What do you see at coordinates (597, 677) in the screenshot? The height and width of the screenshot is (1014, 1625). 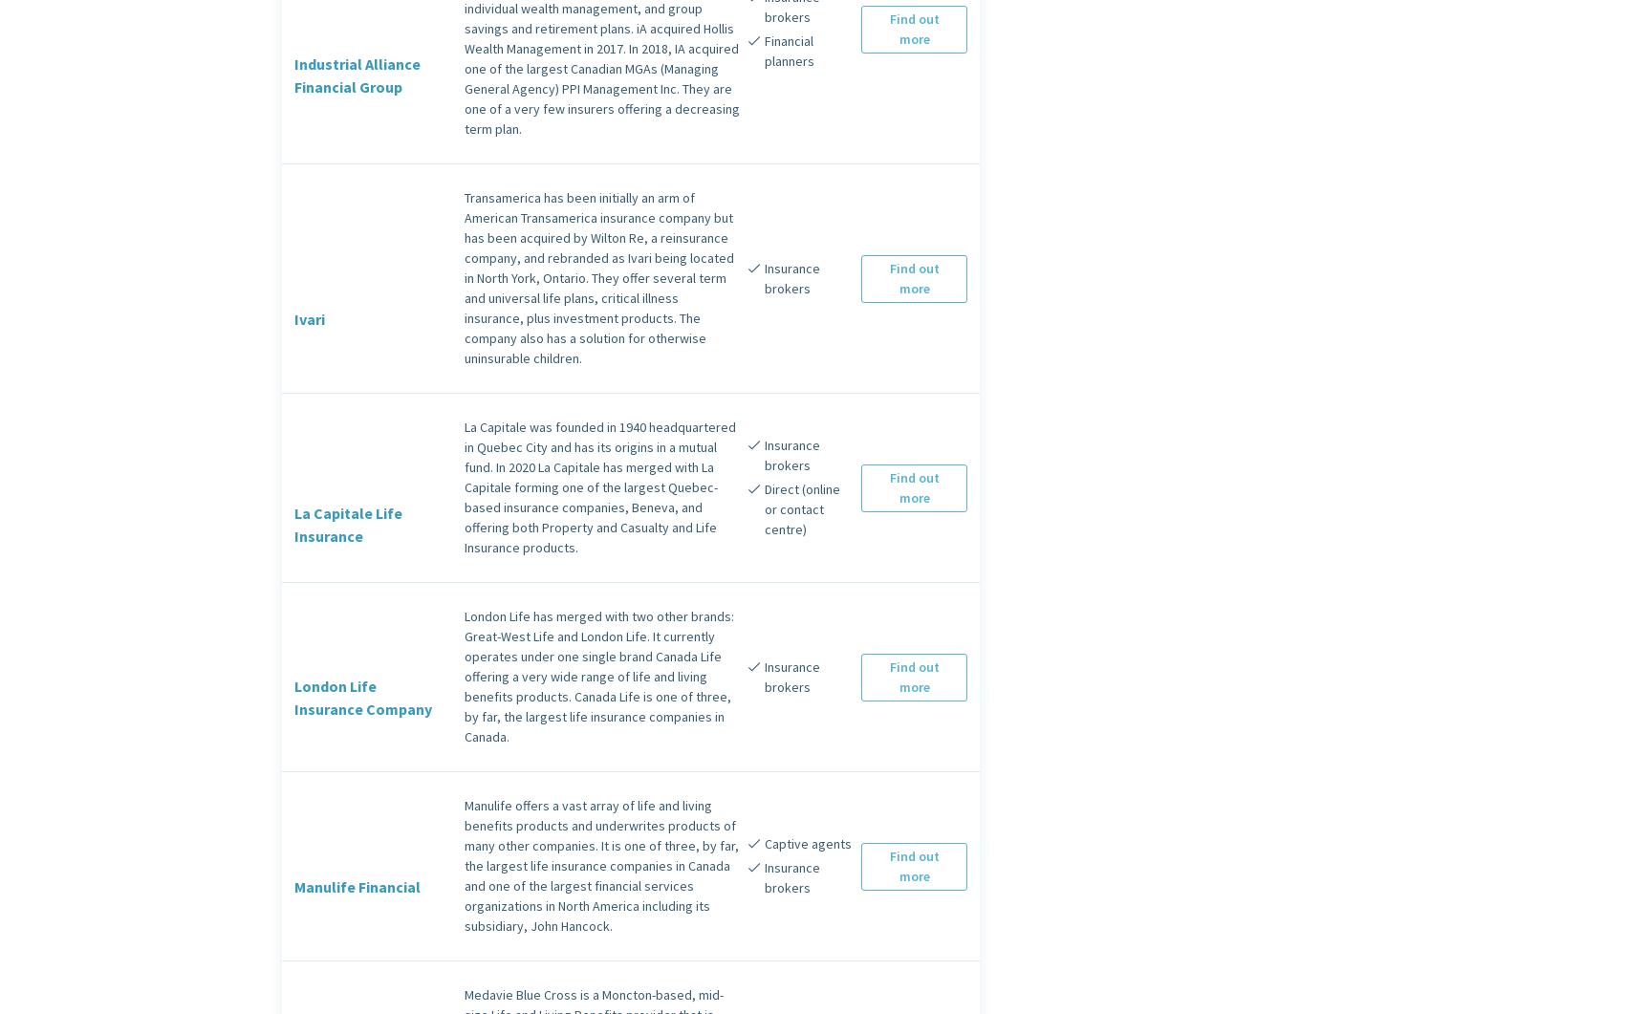 I see `'London Life has merged with two other brands: Great-West Life and London Life. It currently operates under one single brand Canada Life offering a very wide range of life and living benefits products. Canada Life is one of three, by far, the largest life insurance companies in Canada.'` at bounding box center [597, 677].